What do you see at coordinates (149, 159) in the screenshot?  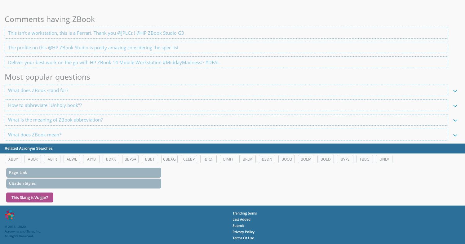 I see `'BBBT'` at bounding box center [149, 159].